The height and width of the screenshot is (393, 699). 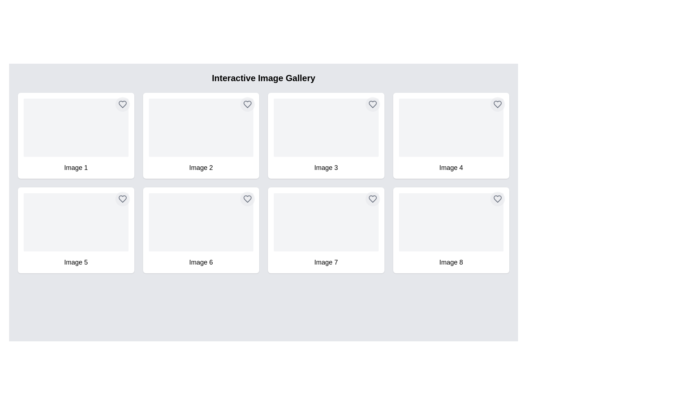 I want to click on the heart-shaped SVG icon in the top-right corner of the 'Image 5' grid cell to favorite the item, so click(x=122, y=199).